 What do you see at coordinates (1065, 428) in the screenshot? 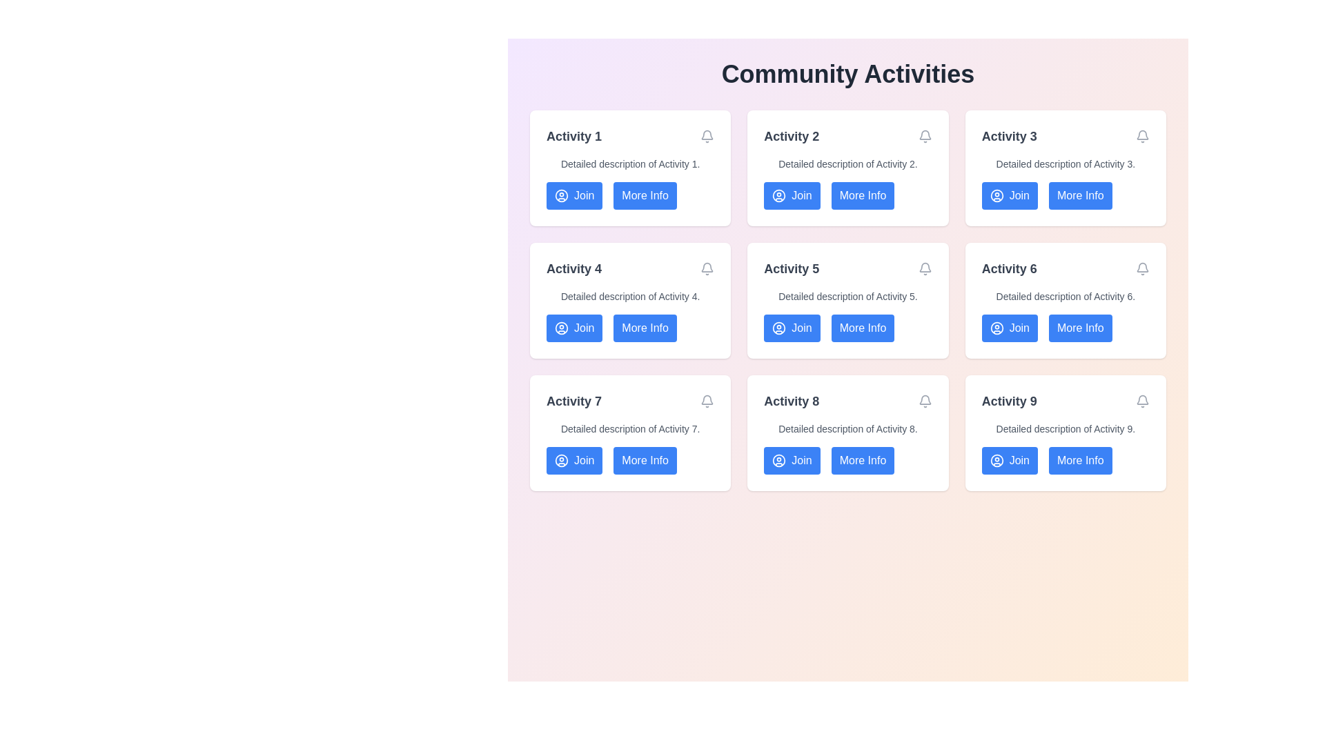
I see `the static text label that contains the text 'Detailed description of Activity 9.' which is positioned directly below the header for 'Activity 9' and above the 'Join' and 'More Info' buttons` at bounding box center [1065, 428].